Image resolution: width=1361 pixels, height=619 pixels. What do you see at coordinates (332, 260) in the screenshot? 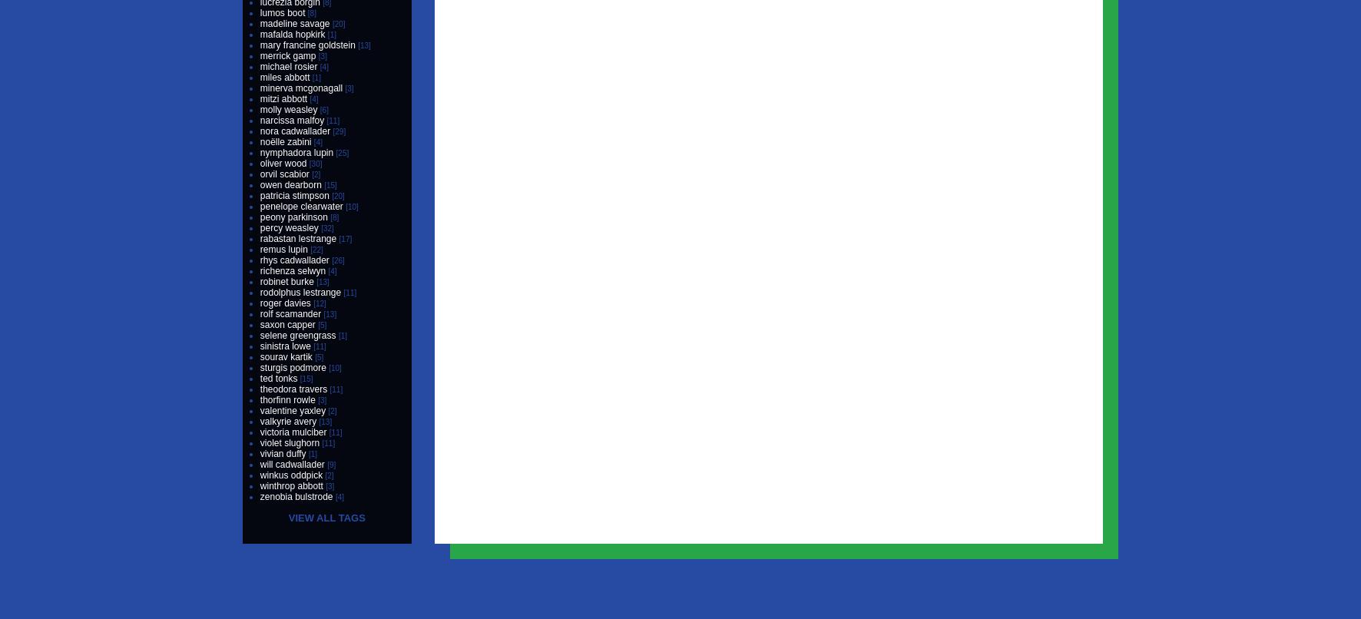
I see `'[26]'` at bounding box center [332, 260].